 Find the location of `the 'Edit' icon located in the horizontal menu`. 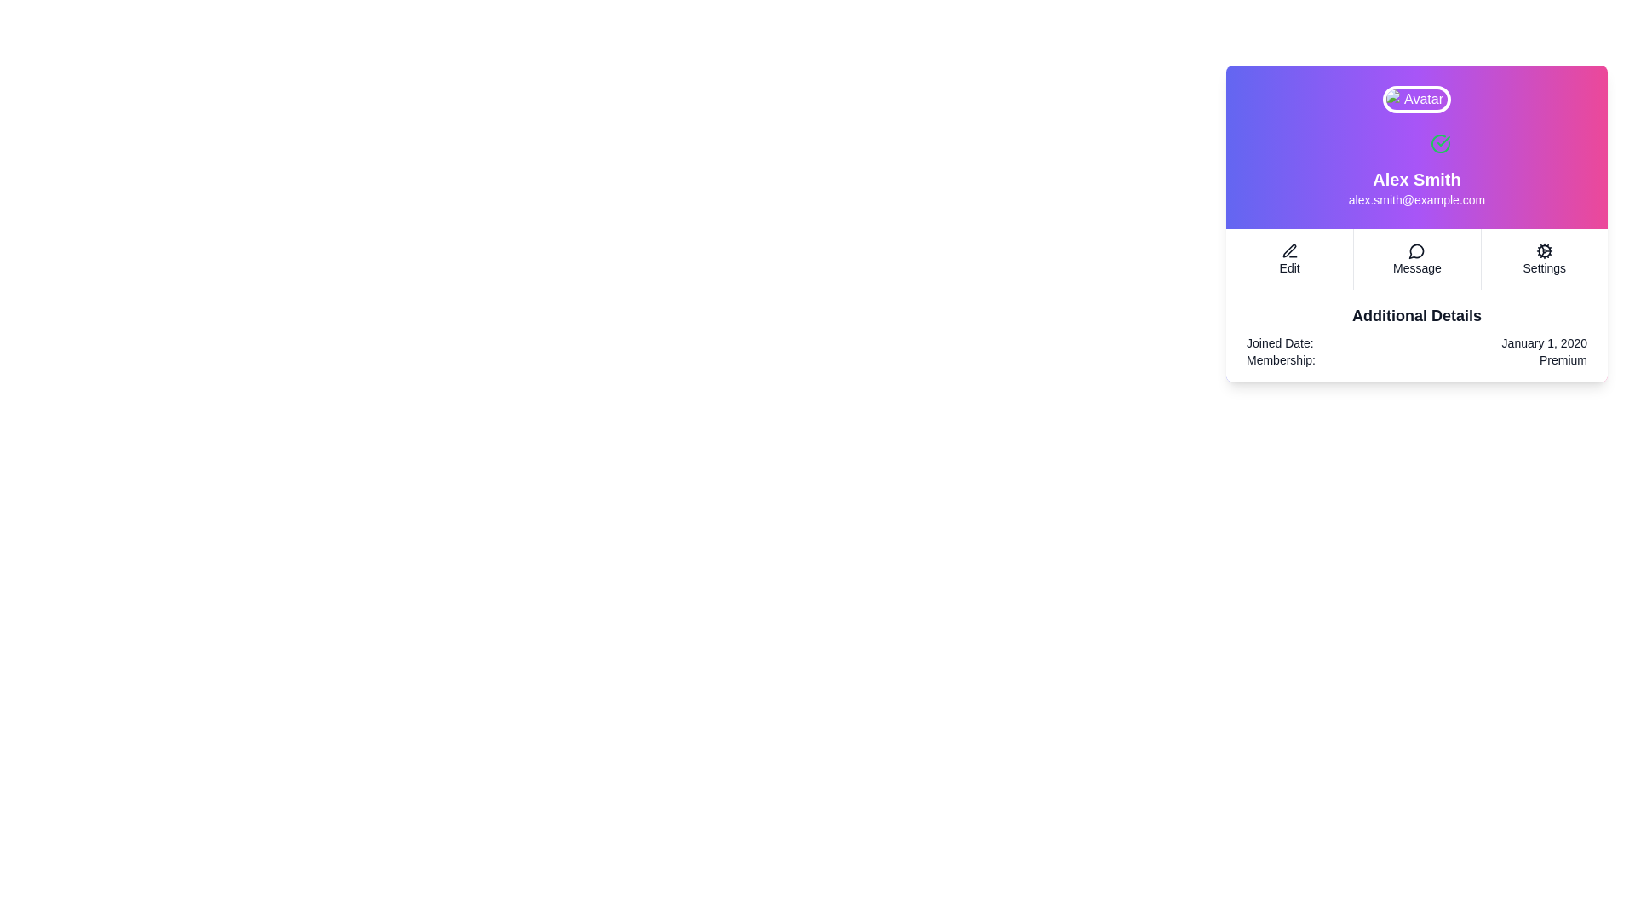

the 'Edit' icon located in the horizontal menu is located at coordinates (1289, 250).